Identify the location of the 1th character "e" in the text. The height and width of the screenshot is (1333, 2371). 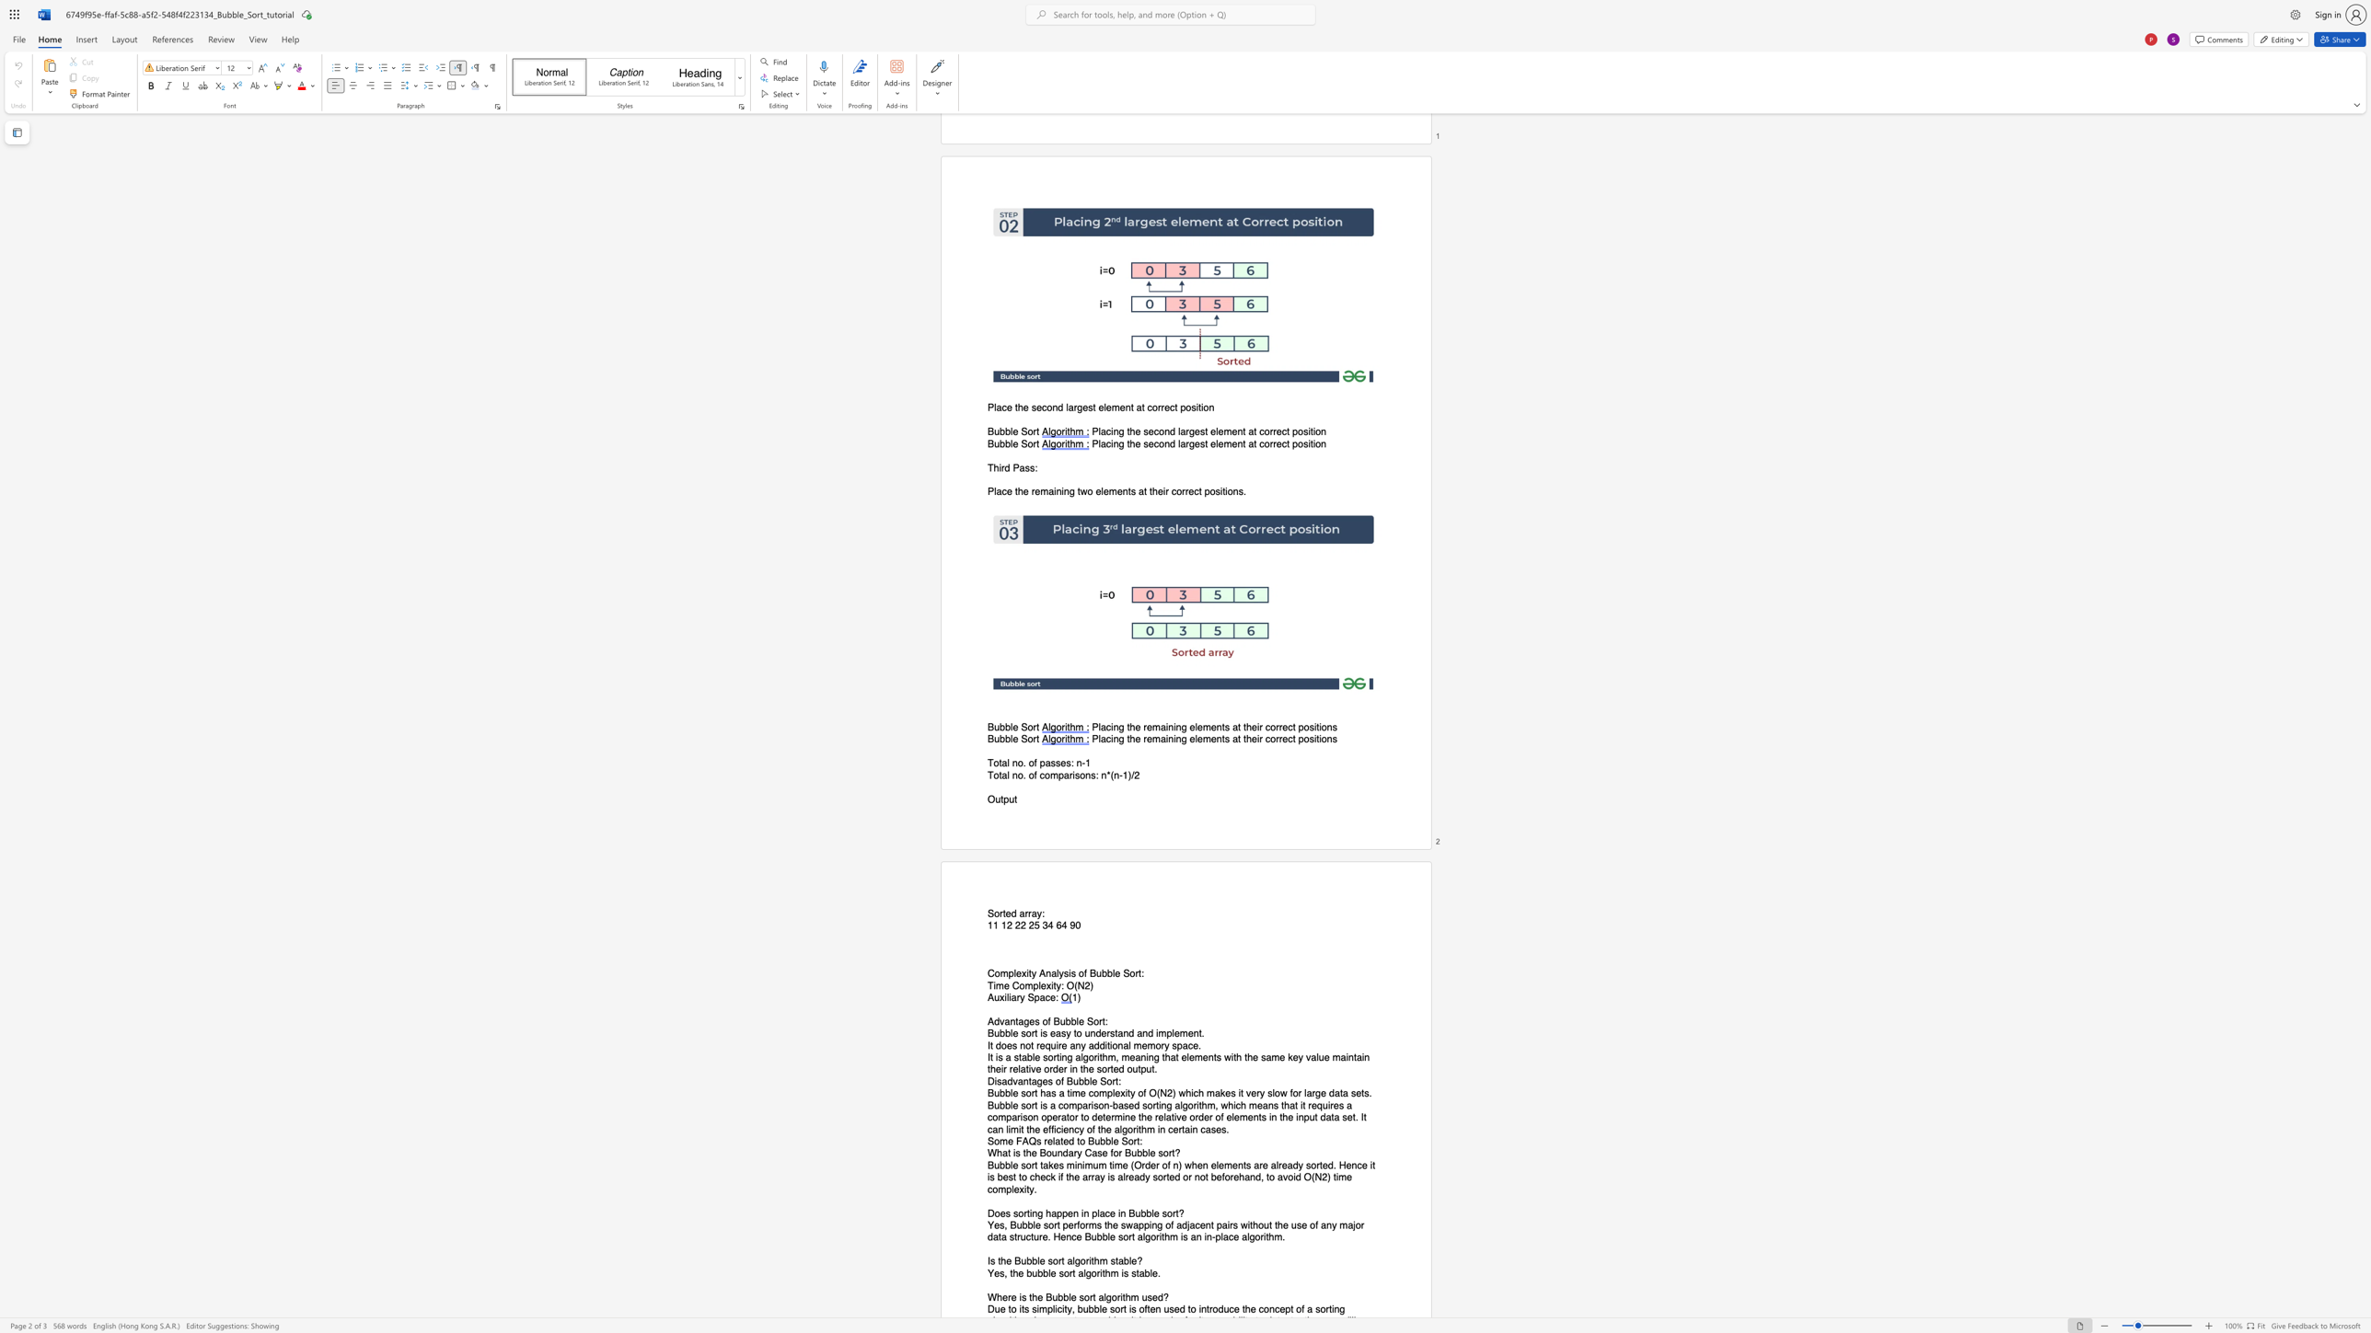
(1143, 1045).